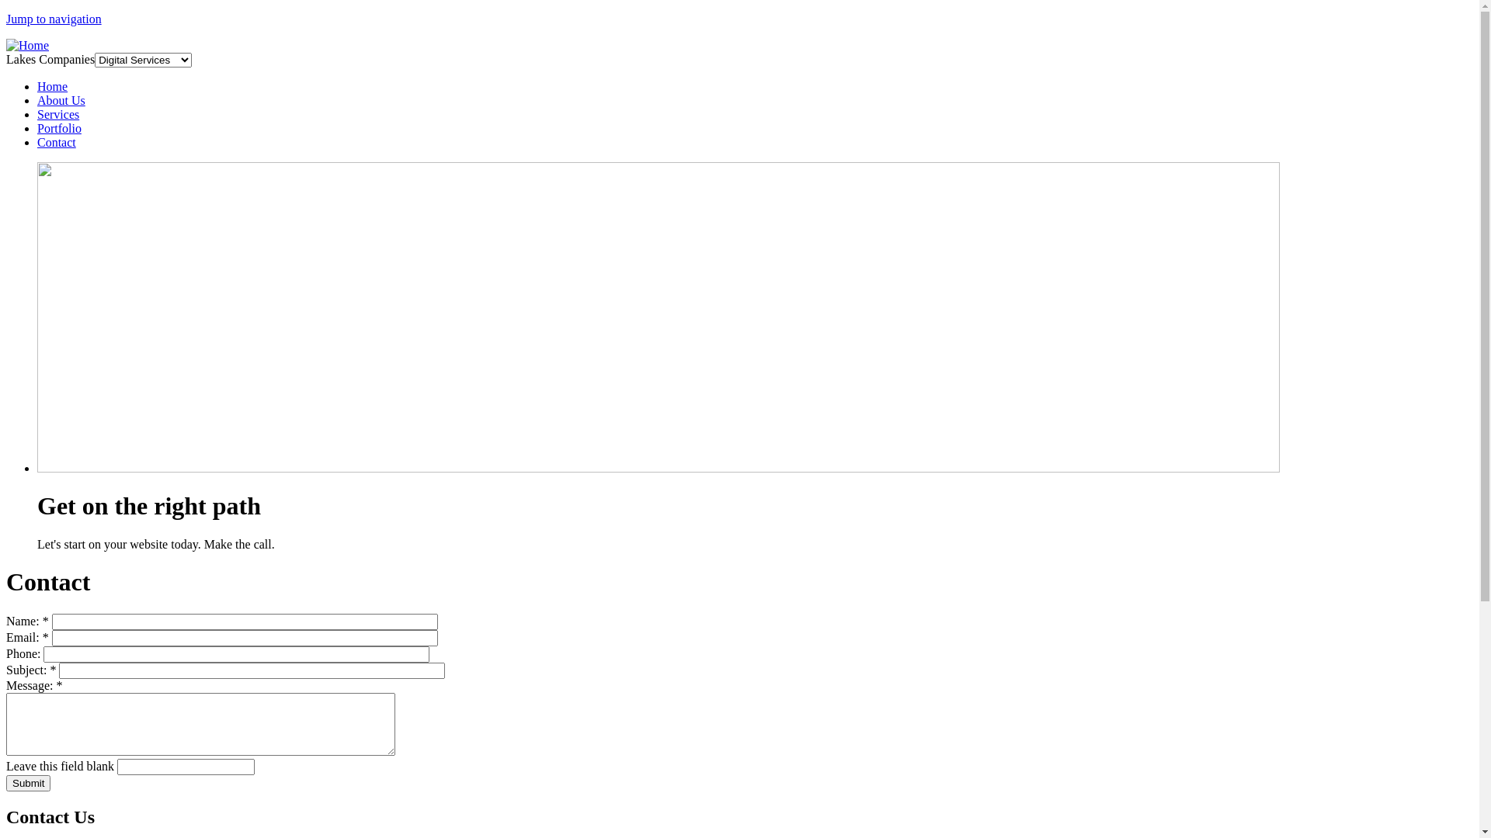 The height and width of the screenshot is (838, 1491). Describe the element at coordinates (52, 86) in the screenshot. I see `'Home'` at that location.